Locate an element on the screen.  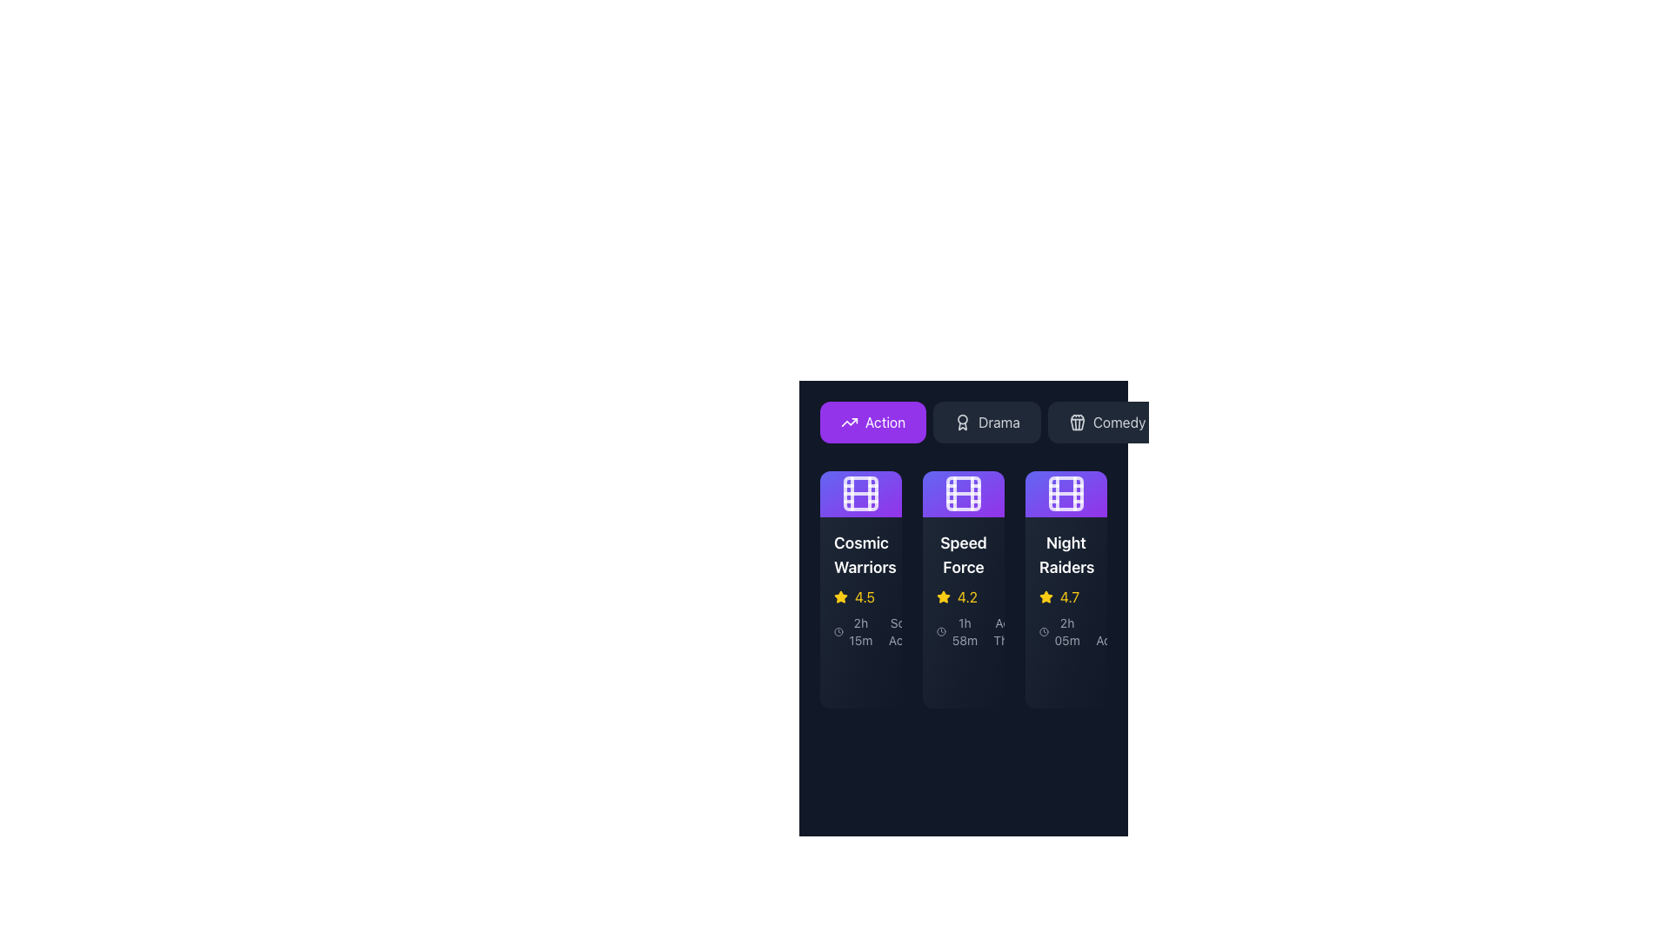
the circular base of the clock icon located under the movie 'Speed Force' in the interface is located at coordinates (940, 631).